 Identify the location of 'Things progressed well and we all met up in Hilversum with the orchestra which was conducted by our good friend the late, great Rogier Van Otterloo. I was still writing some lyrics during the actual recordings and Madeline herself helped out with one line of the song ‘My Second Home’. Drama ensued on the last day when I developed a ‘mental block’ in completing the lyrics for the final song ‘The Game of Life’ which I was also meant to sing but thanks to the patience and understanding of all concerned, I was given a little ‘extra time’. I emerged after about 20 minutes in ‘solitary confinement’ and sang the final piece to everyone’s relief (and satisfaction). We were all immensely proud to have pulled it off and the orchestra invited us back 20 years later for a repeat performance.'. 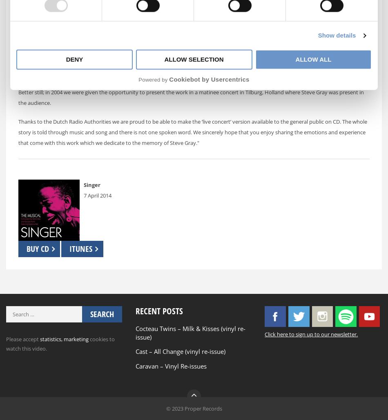
(192, 54).